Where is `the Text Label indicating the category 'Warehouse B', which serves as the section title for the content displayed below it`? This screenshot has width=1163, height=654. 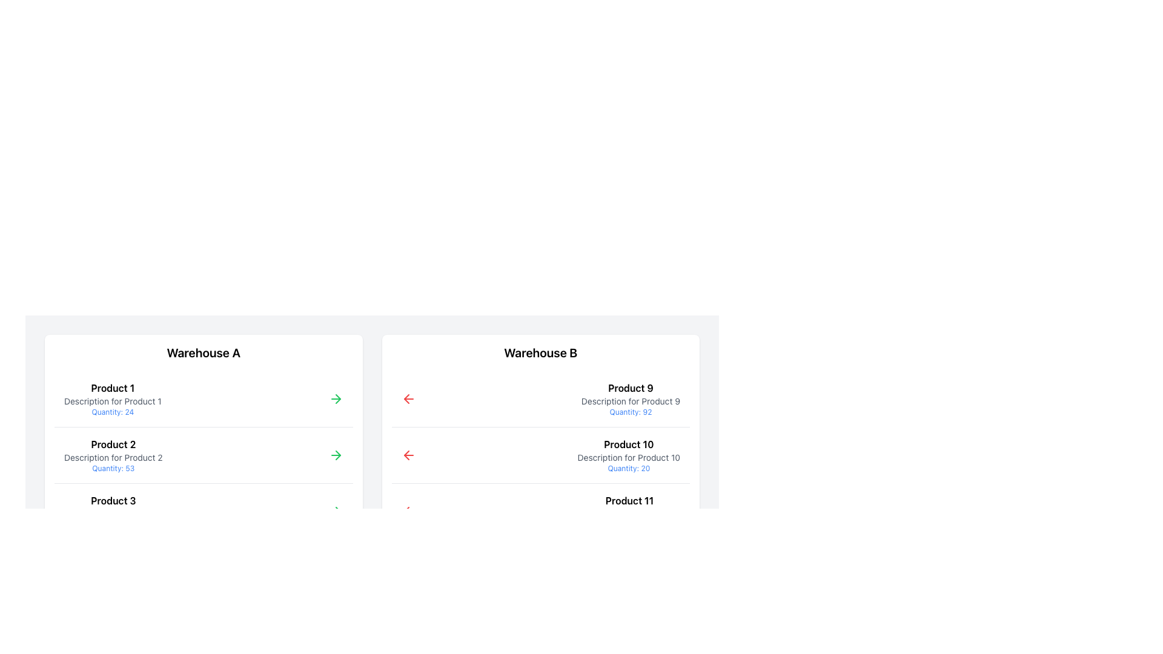
the Text Label indicating the category 'Warehouse B', which serves as the section title for the content displayed below it is located at coordinates (540, 352).